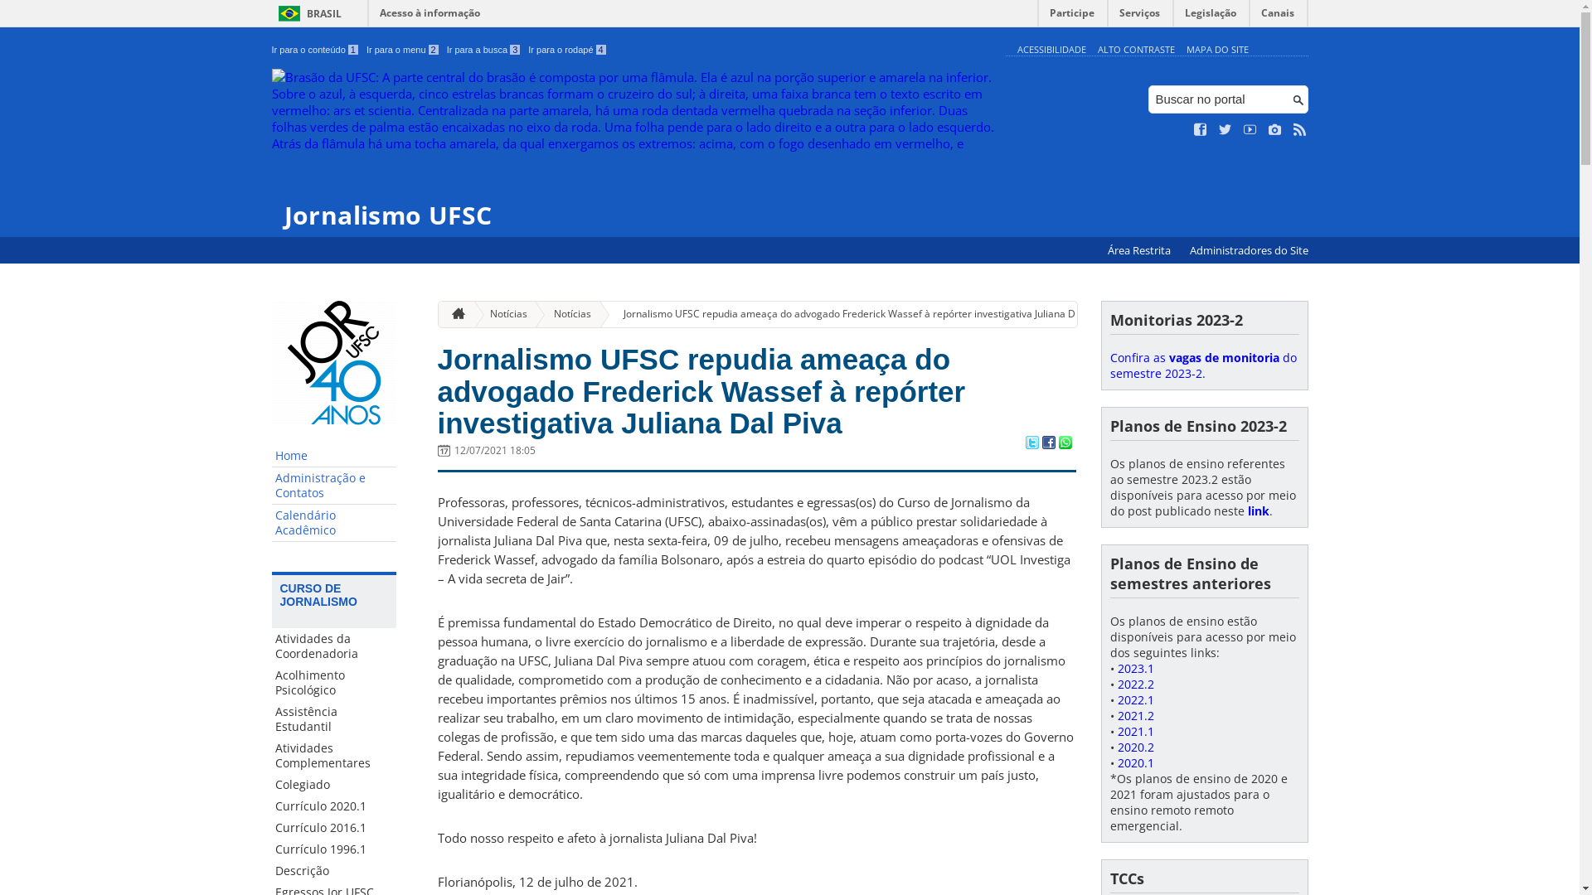  What do you see at coordinates (1216, 48) in the screenshot?
I see `'MAPA DO SITE'` at bounding box center [1216, 48].